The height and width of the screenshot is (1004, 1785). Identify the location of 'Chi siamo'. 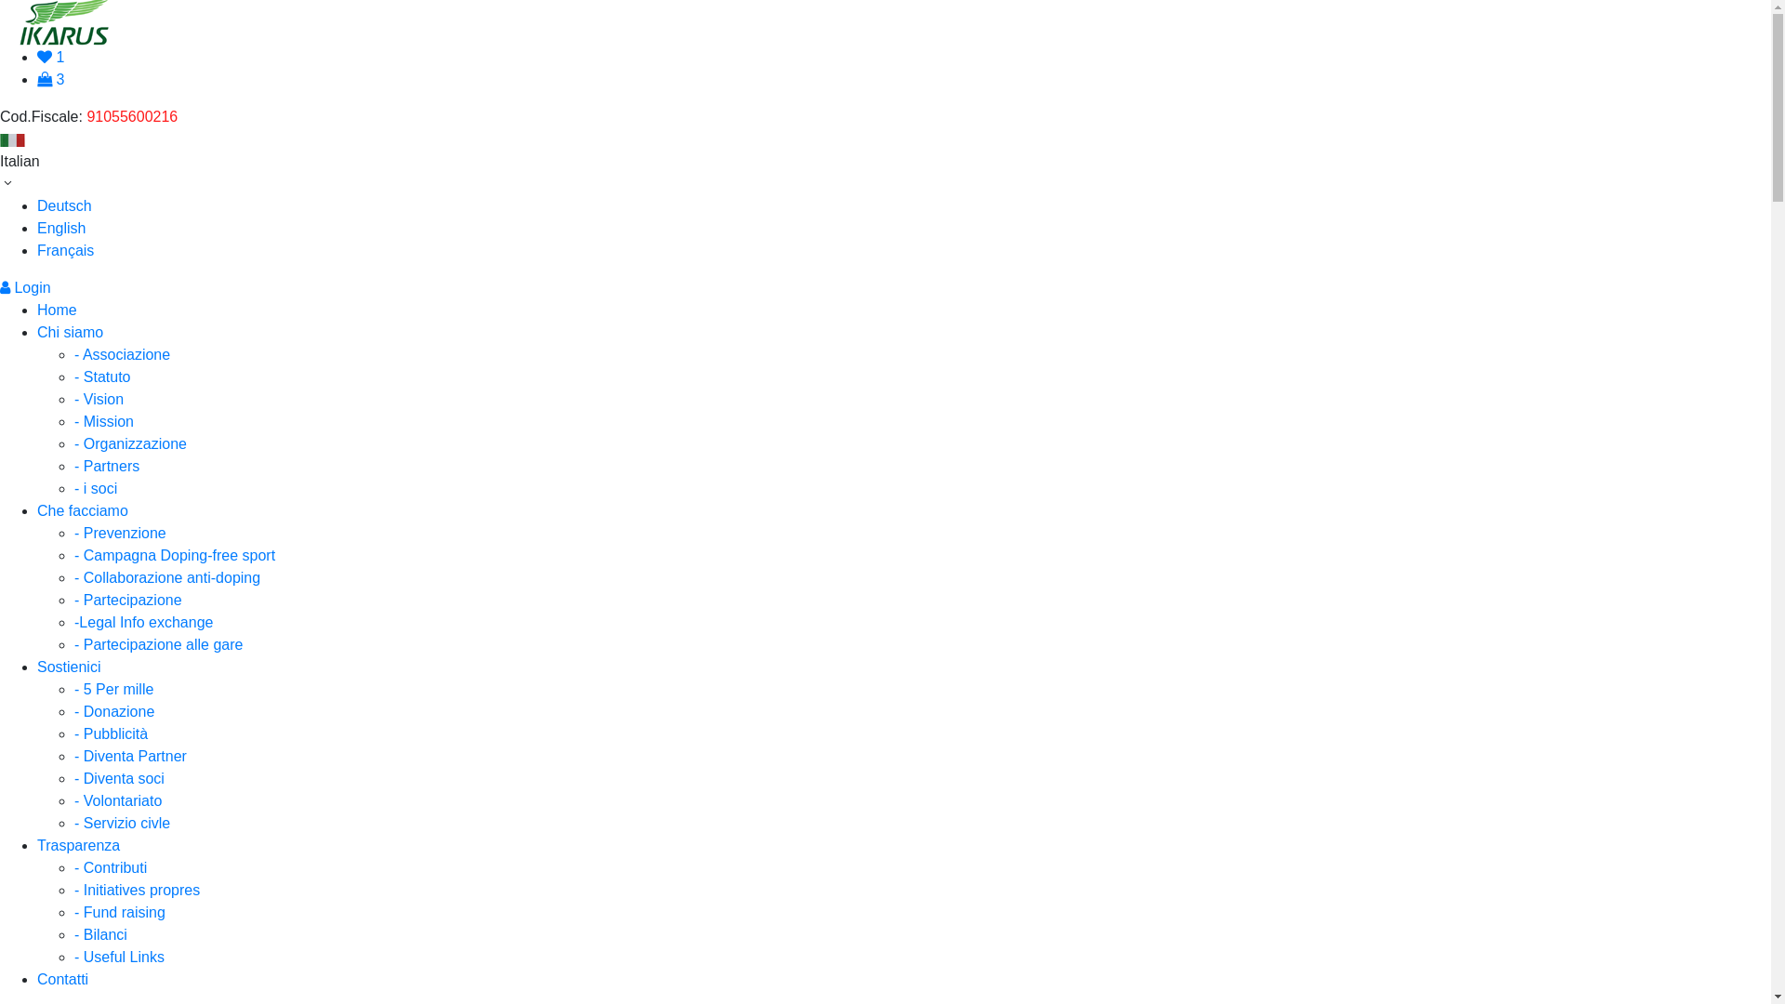
(70, 331).